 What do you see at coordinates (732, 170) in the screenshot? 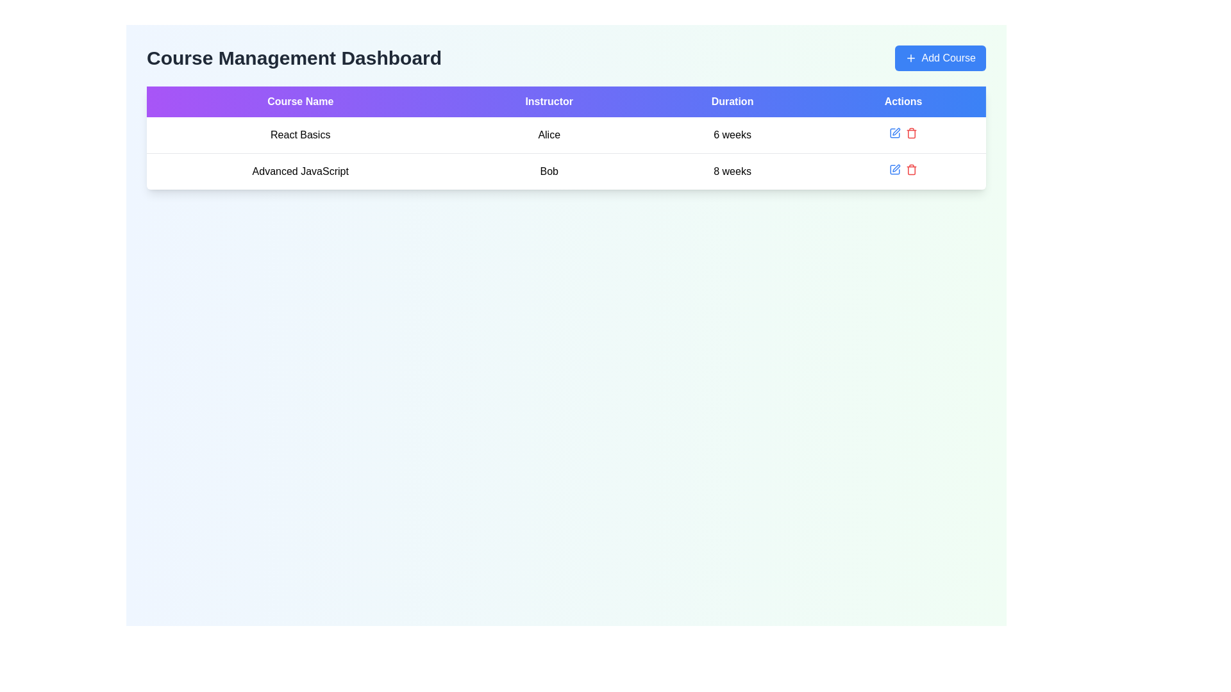
I see `the text label displaying '8 weeks' in the second row of the table under the 'Duration' column header` at bounding box center [732, 170].